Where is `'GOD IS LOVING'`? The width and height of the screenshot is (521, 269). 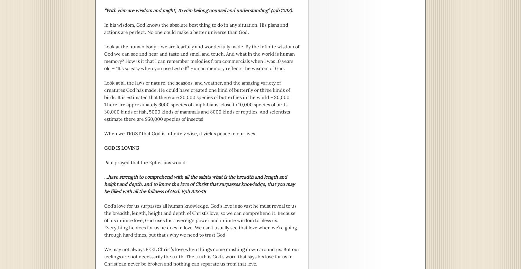
'GOD IS LOVING' is located at coordinates (121, 148).